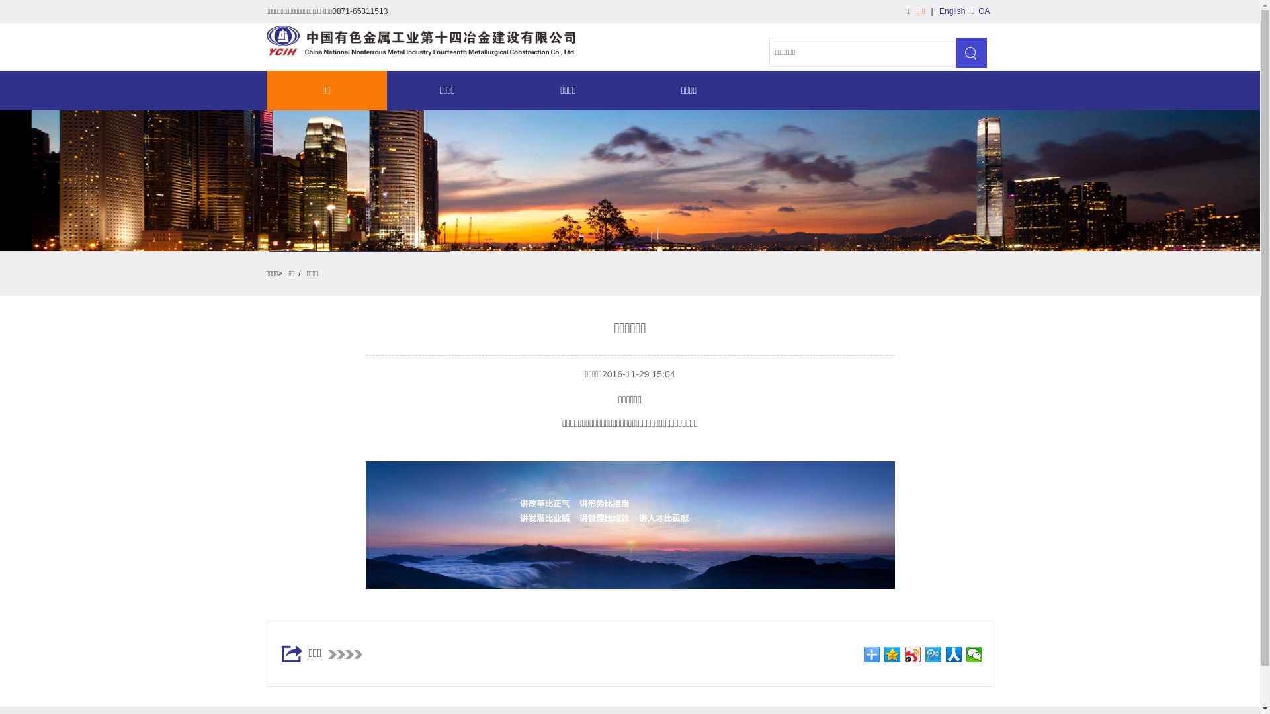 This screenshot has height=714, width=1270. Describe the element at coordinates (974, 11) in the screenshot. I see `'OA'` at that location.